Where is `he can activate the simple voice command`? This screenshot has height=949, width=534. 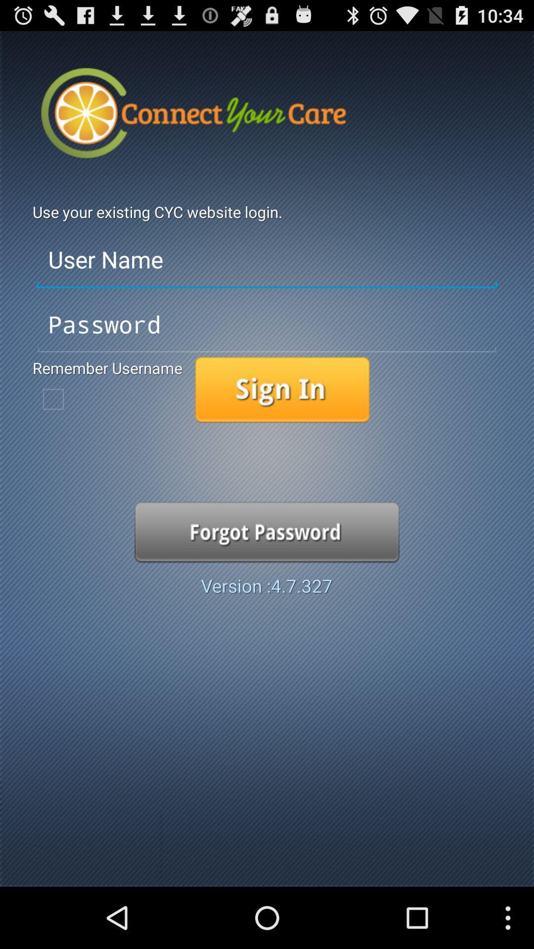 he can activate the simple voice command is located at coordinates (282, 389).